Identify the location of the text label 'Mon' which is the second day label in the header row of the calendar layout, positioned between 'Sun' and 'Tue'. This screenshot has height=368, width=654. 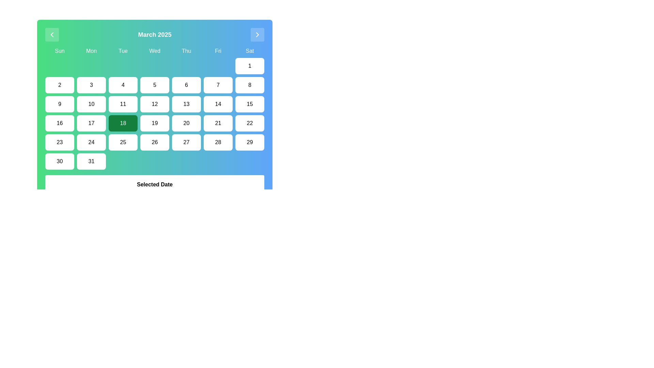
(91, 51).